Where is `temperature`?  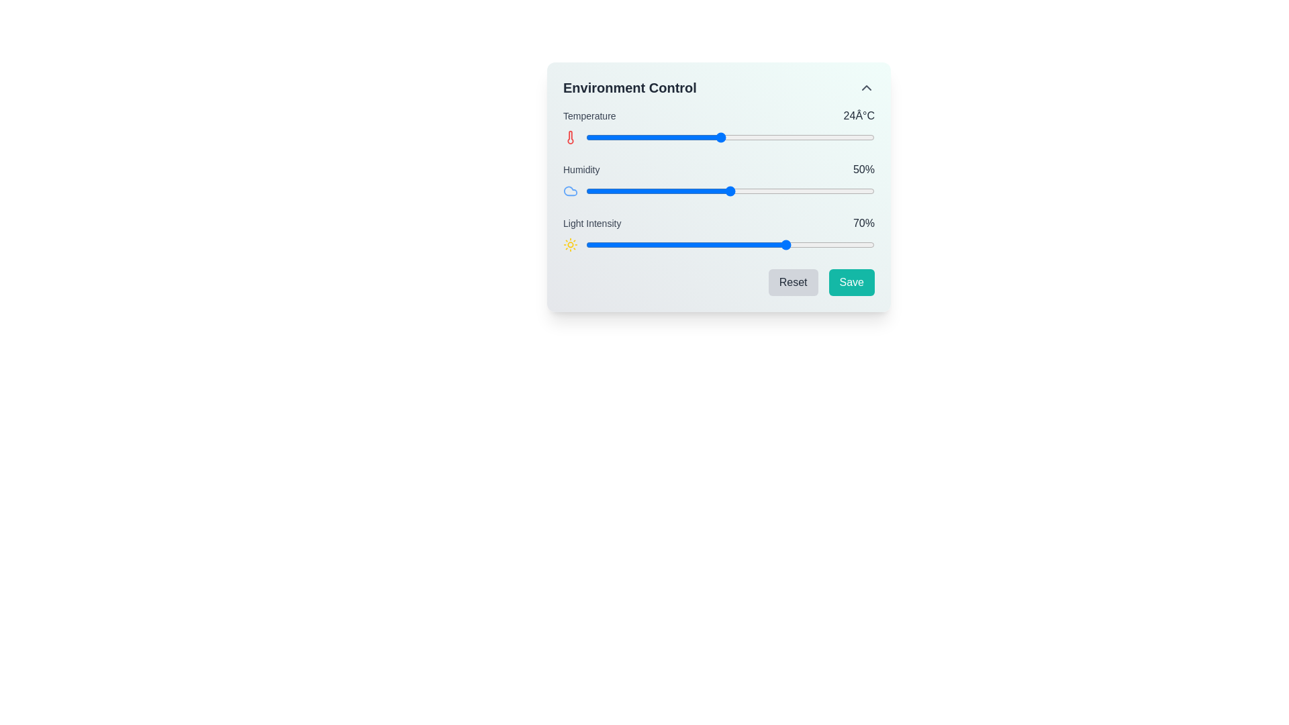 temperature is located at coordinates (739, 137).